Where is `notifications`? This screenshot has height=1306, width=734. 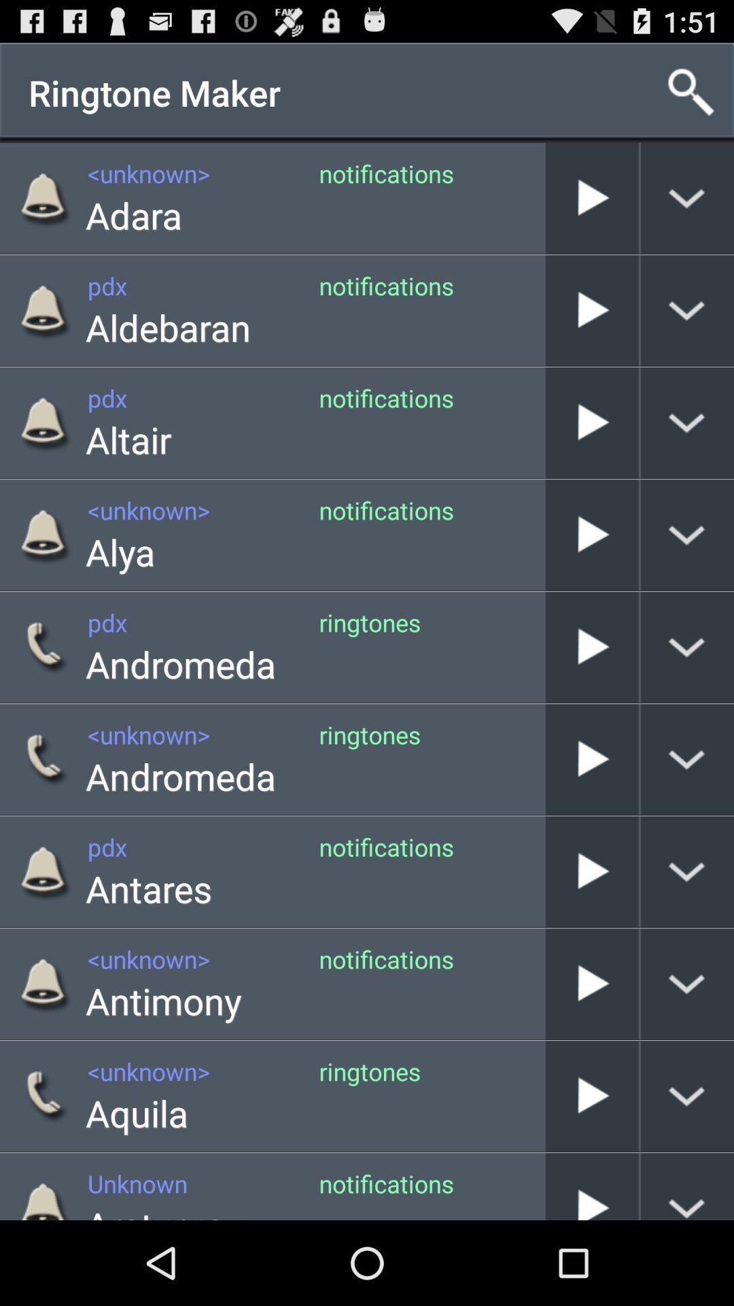 notifications is located at coordinates (591, 197).